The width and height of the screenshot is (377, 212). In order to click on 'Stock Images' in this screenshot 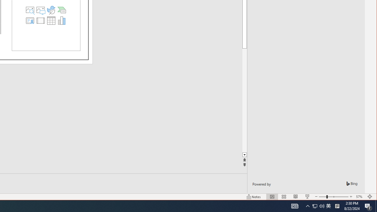, I will do `click(29, 10)`.